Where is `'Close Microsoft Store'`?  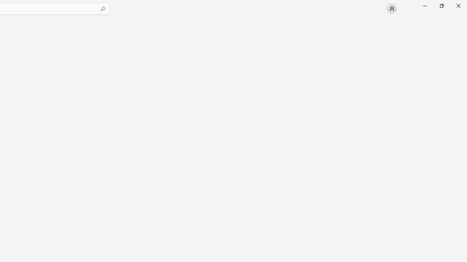
'Close Microsoft Store' is located at coordinates (458, 5).